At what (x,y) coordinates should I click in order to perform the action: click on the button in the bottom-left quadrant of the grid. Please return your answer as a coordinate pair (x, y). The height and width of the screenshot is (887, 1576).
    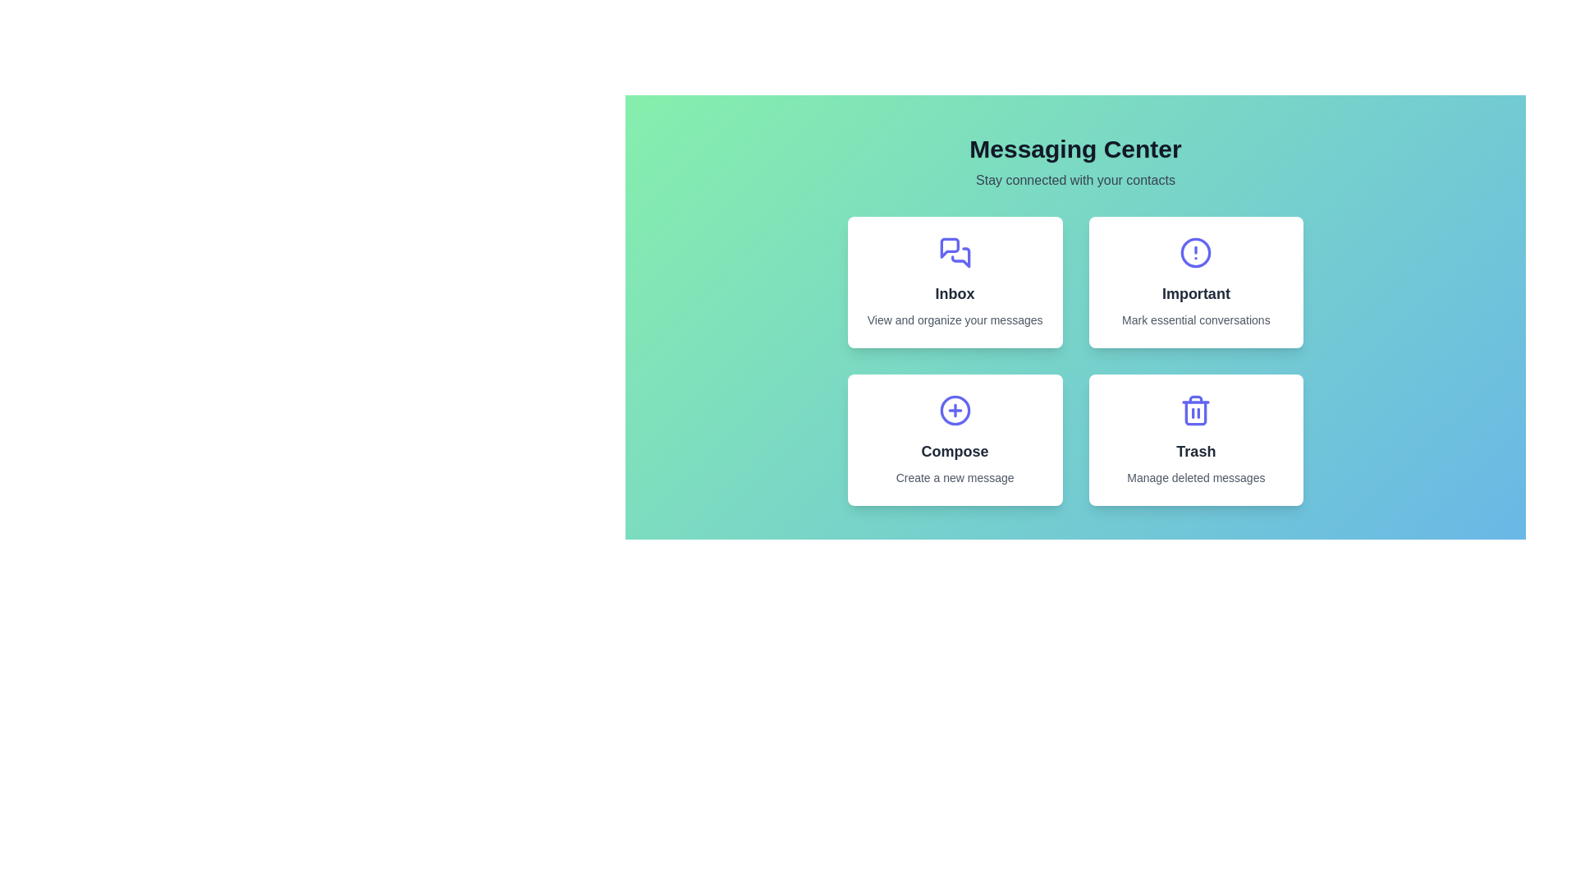
    Looking at the image, I should click on (955, 439).